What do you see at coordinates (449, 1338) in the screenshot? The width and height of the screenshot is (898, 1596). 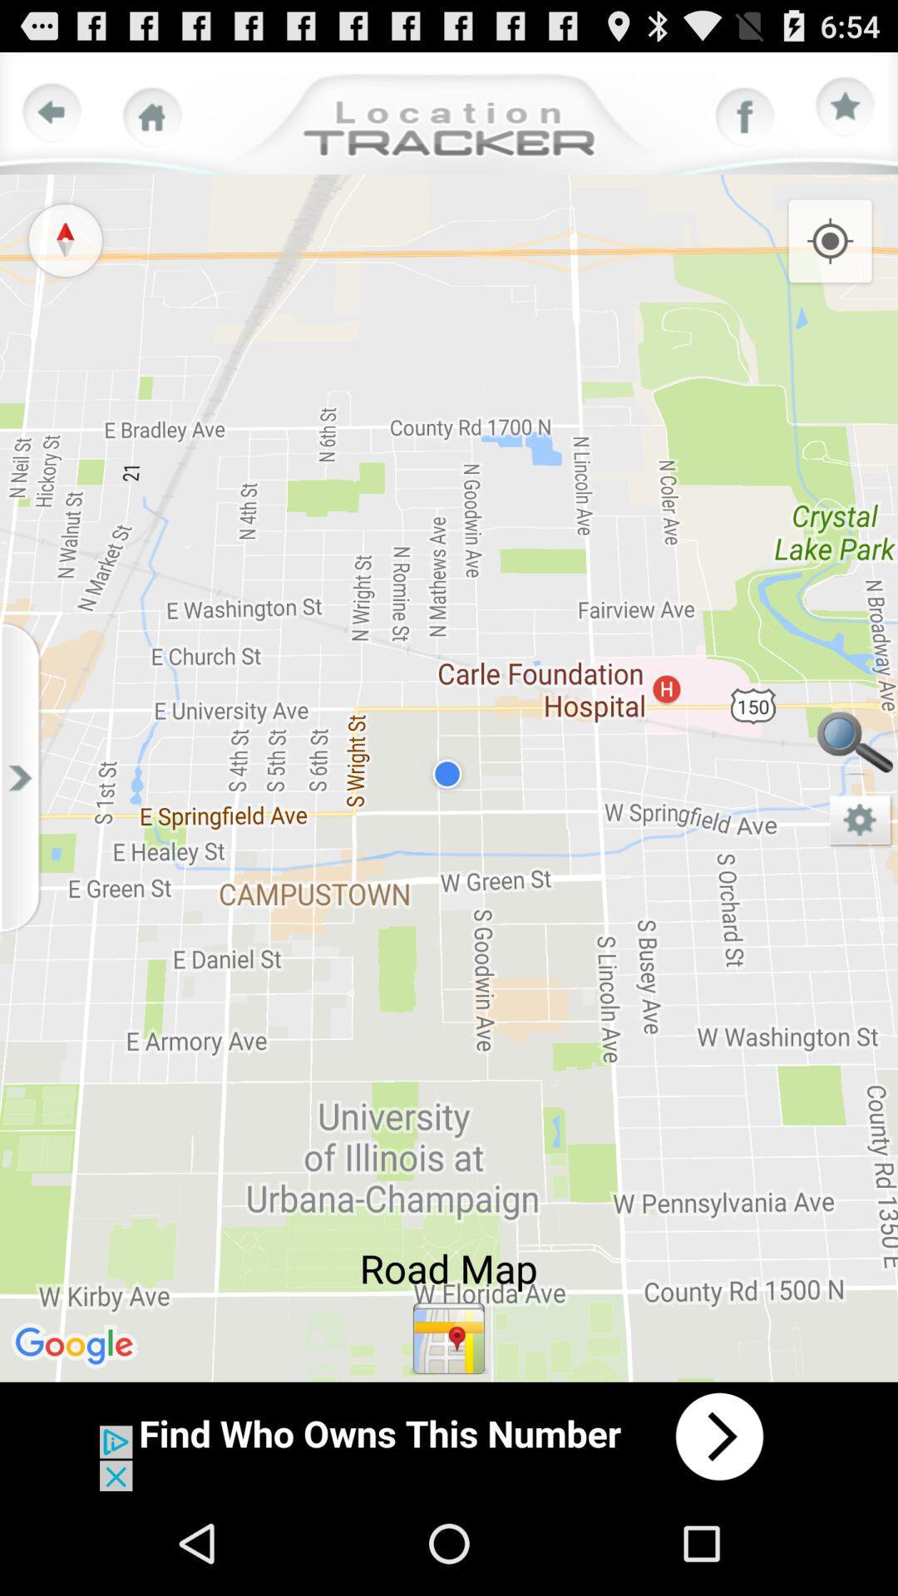 I see `the road map` at bounding box center [449, 1338].